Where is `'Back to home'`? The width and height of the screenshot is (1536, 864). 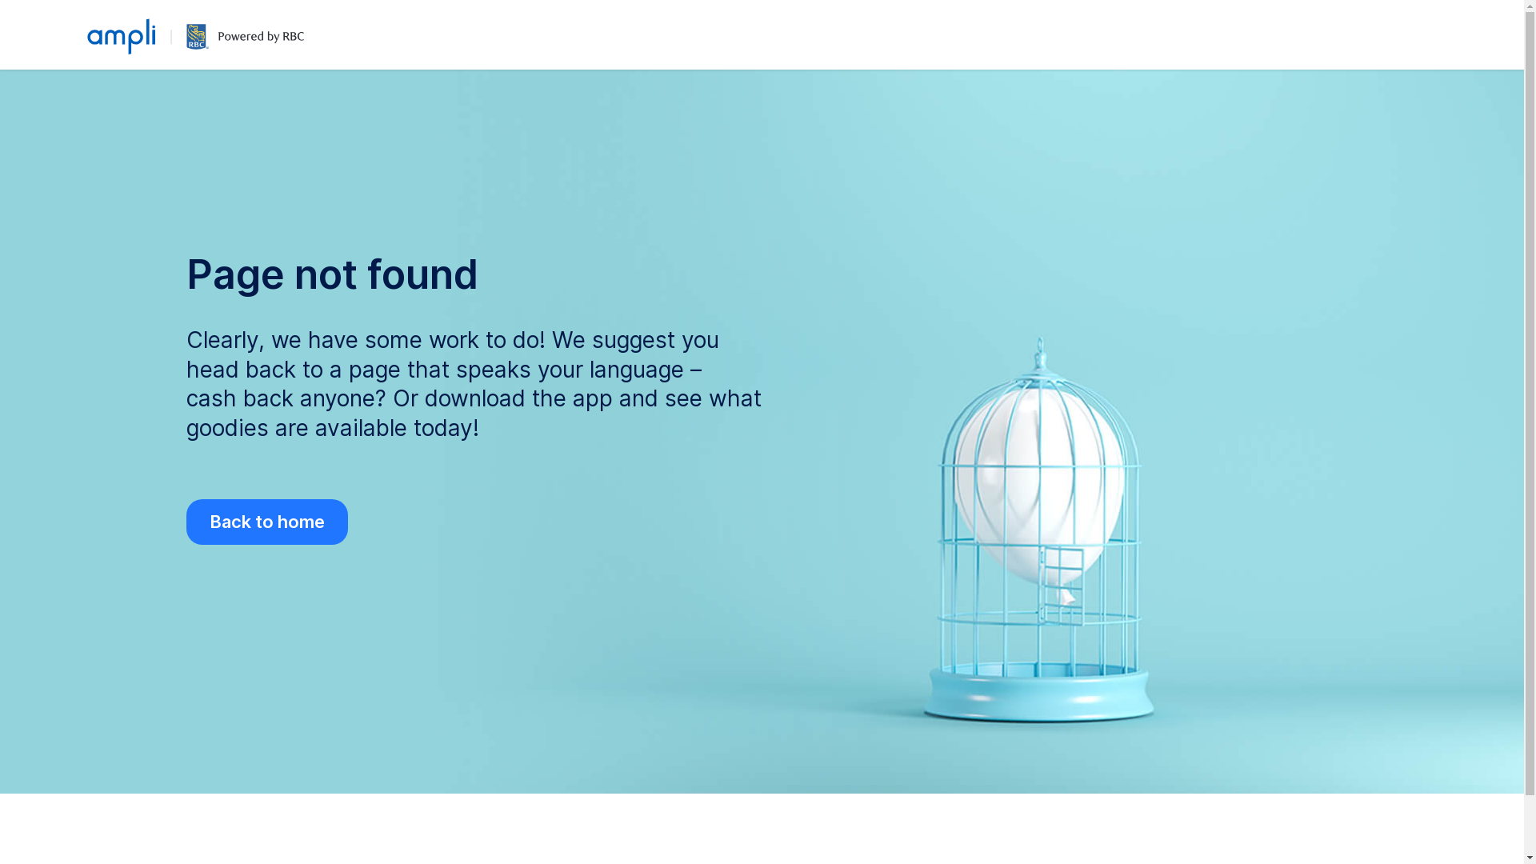 'Back to home' is located at coordinates (266, 522).